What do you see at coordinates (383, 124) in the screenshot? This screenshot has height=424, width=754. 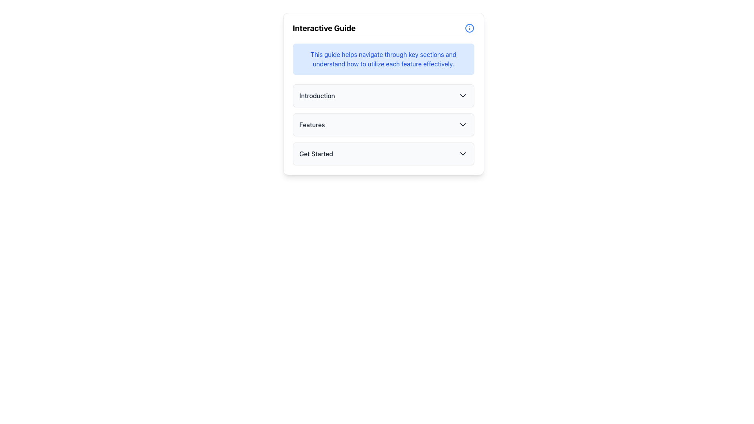 I see `the 'Features' button` at bounding box center [383, 124].